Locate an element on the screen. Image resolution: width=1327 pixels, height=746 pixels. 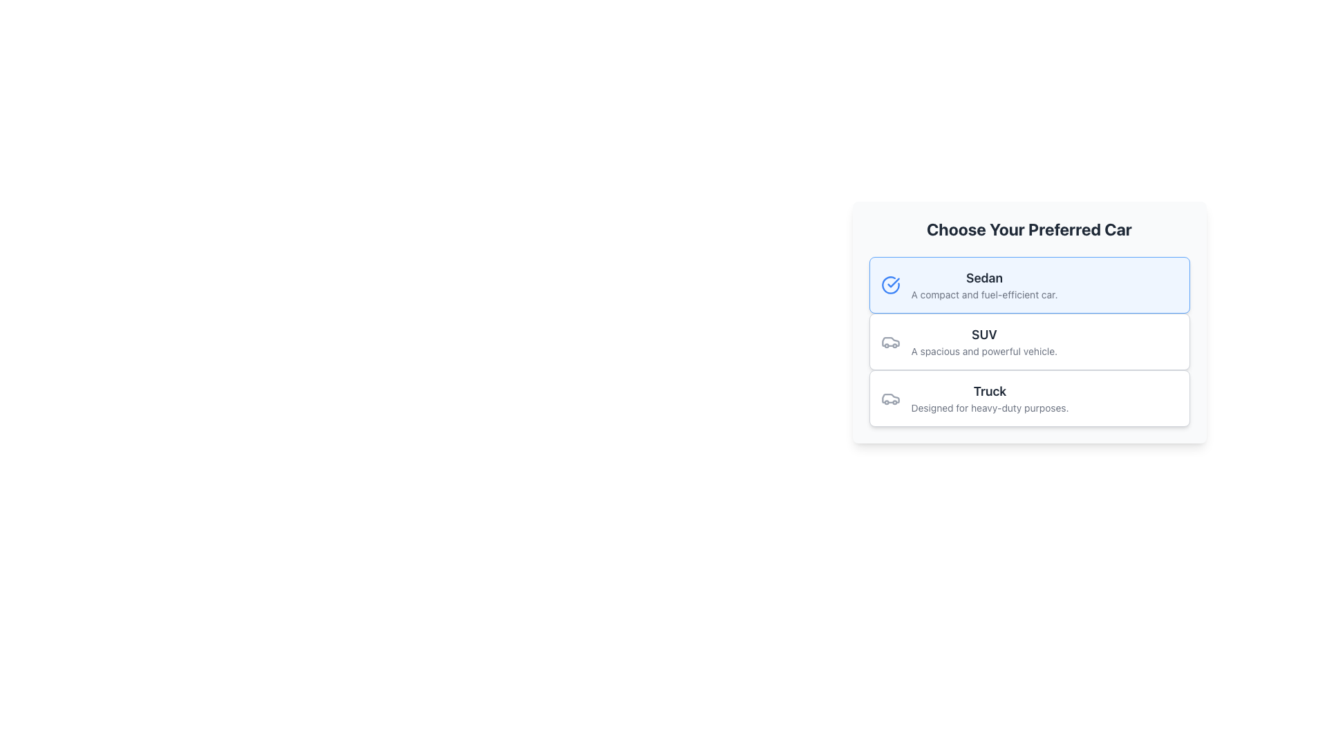
the 'Truck' text block in the 'Choose Your Preferred Car' section is located at coordinates (989, 399).